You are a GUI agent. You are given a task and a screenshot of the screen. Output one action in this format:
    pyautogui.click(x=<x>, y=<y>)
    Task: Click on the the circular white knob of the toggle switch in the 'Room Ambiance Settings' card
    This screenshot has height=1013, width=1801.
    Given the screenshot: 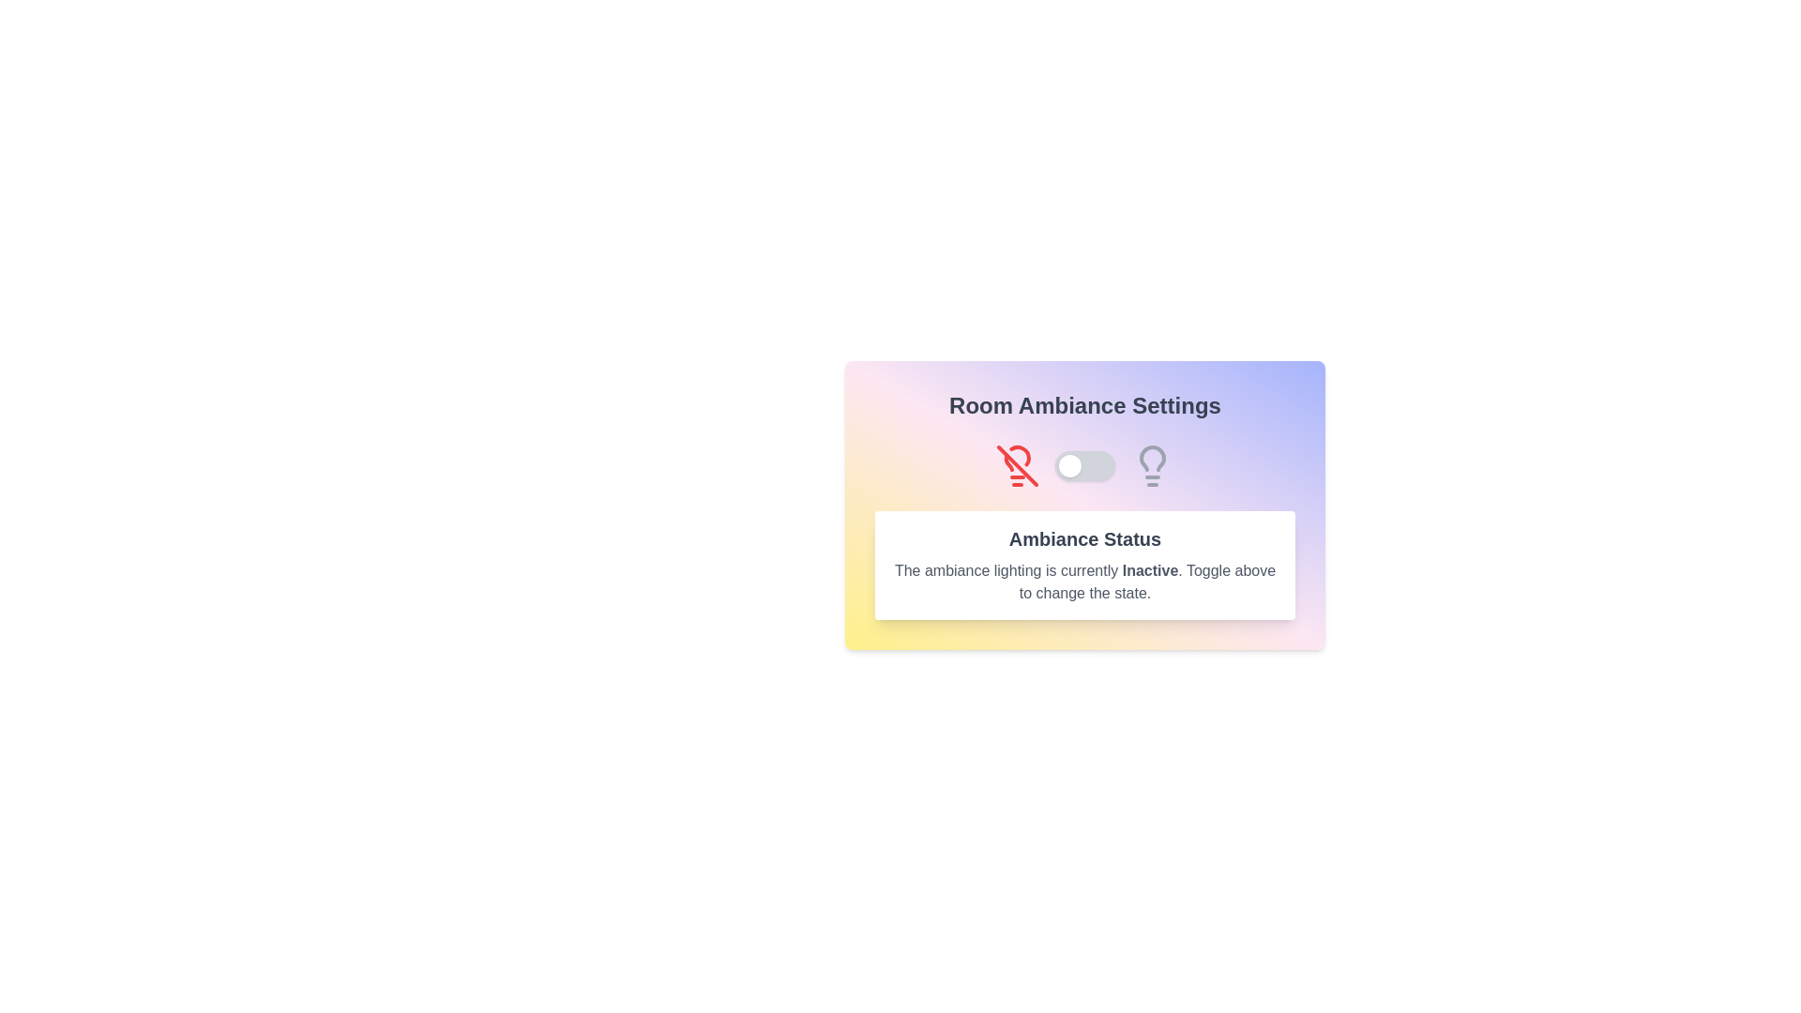 What is the action you would take?
    pyautogui.click(x=1084, y=465)
    